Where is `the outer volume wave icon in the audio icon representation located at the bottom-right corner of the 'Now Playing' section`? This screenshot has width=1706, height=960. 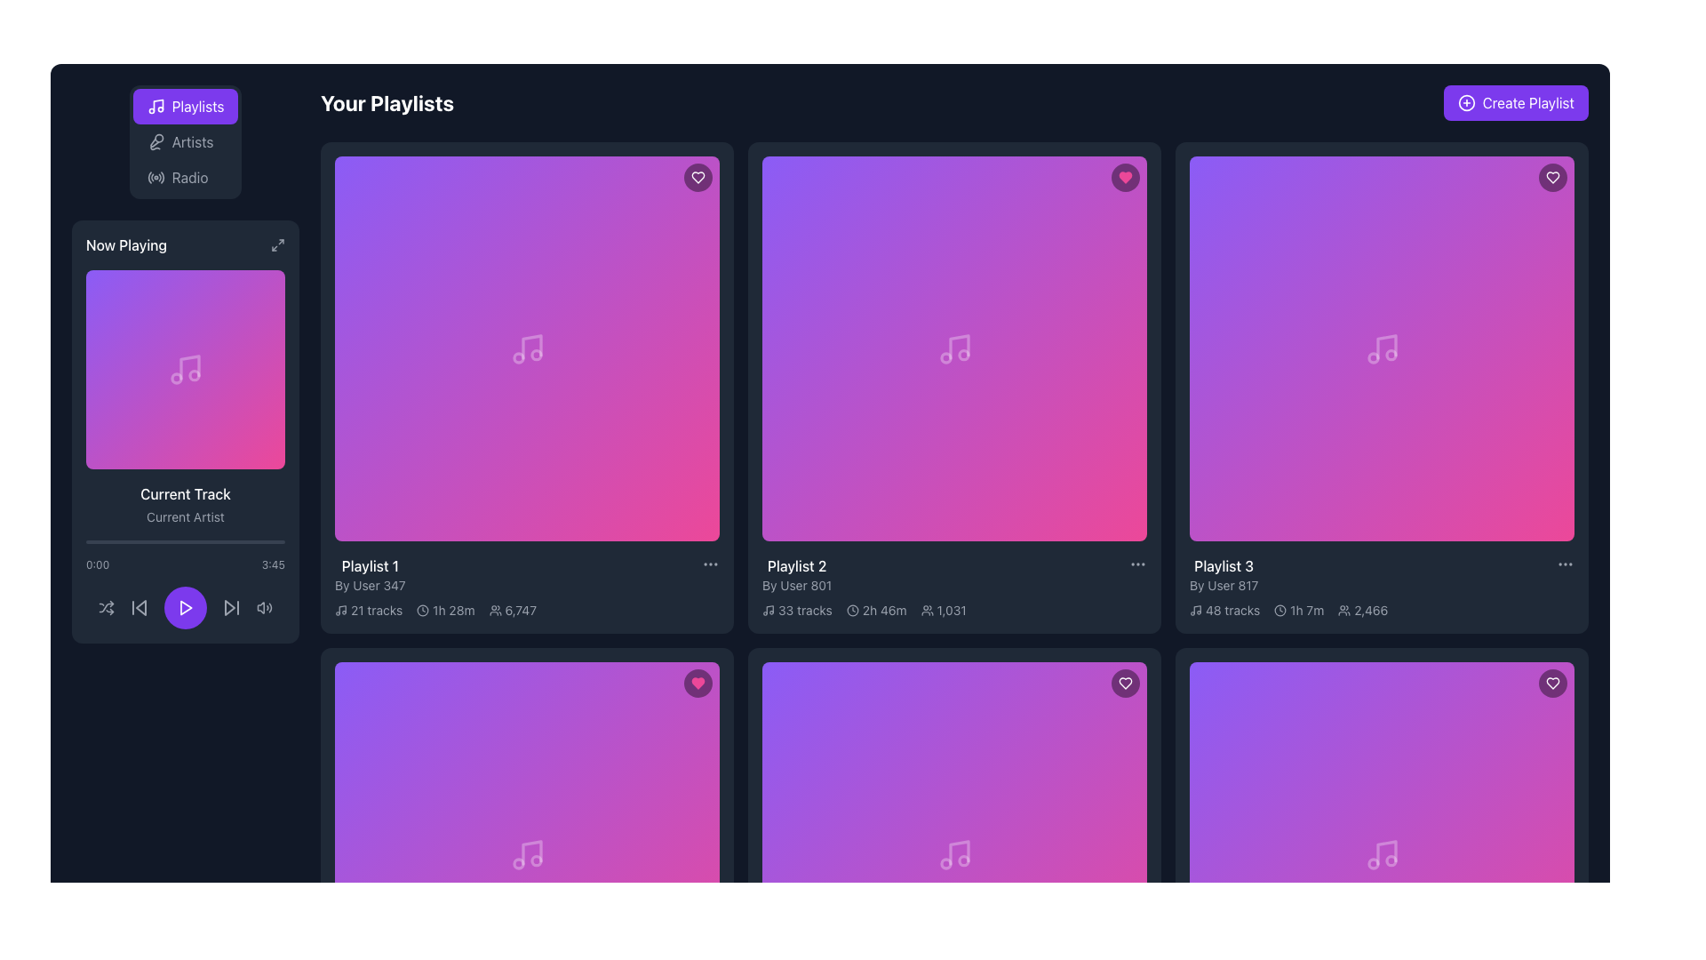 the outer volume wave icon in the audio icon representation located at the bottom-right corner of the 'Now Playing' section is located at coordinates (269, 606).